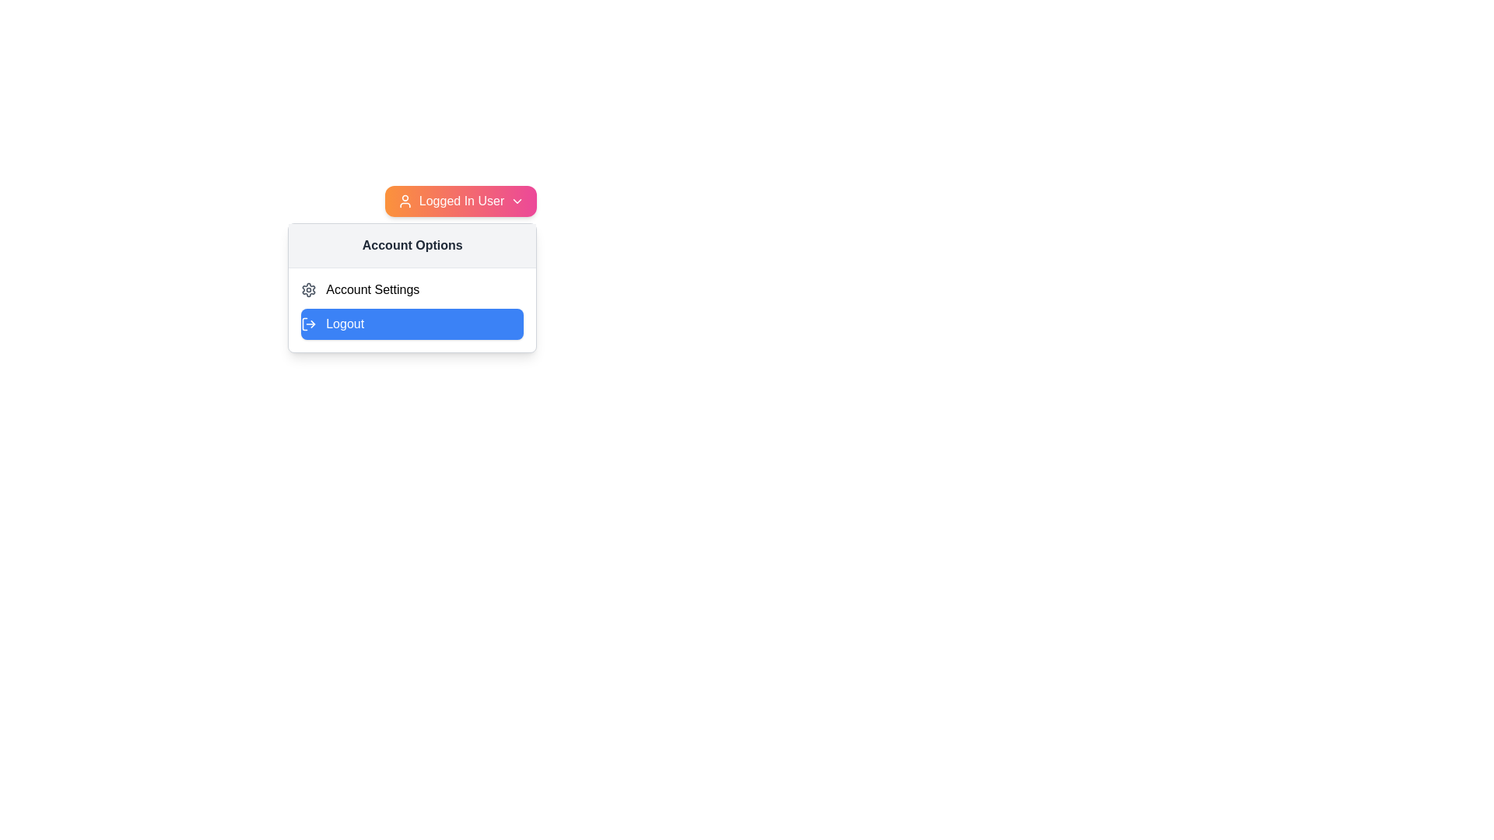  What do you see at coordinates (405, 200) in the screenshot?
I see `the user profile icon located to the left of the 'Logged In User' label` at bounding box center [405, 200].